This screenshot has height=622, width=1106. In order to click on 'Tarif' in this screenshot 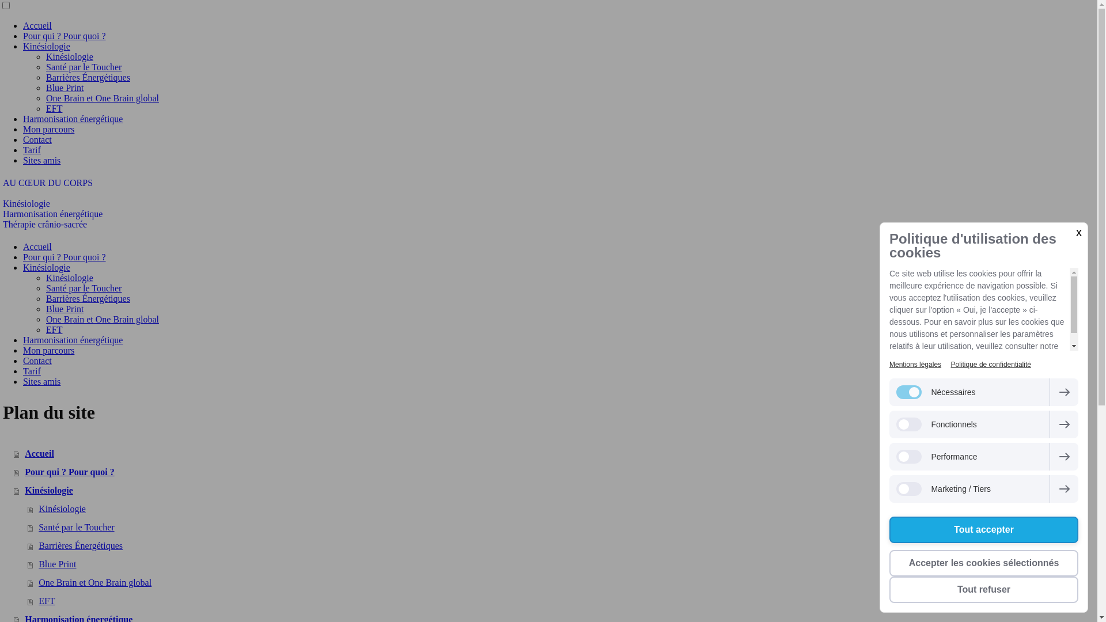, I will do `click(22, 149)`.